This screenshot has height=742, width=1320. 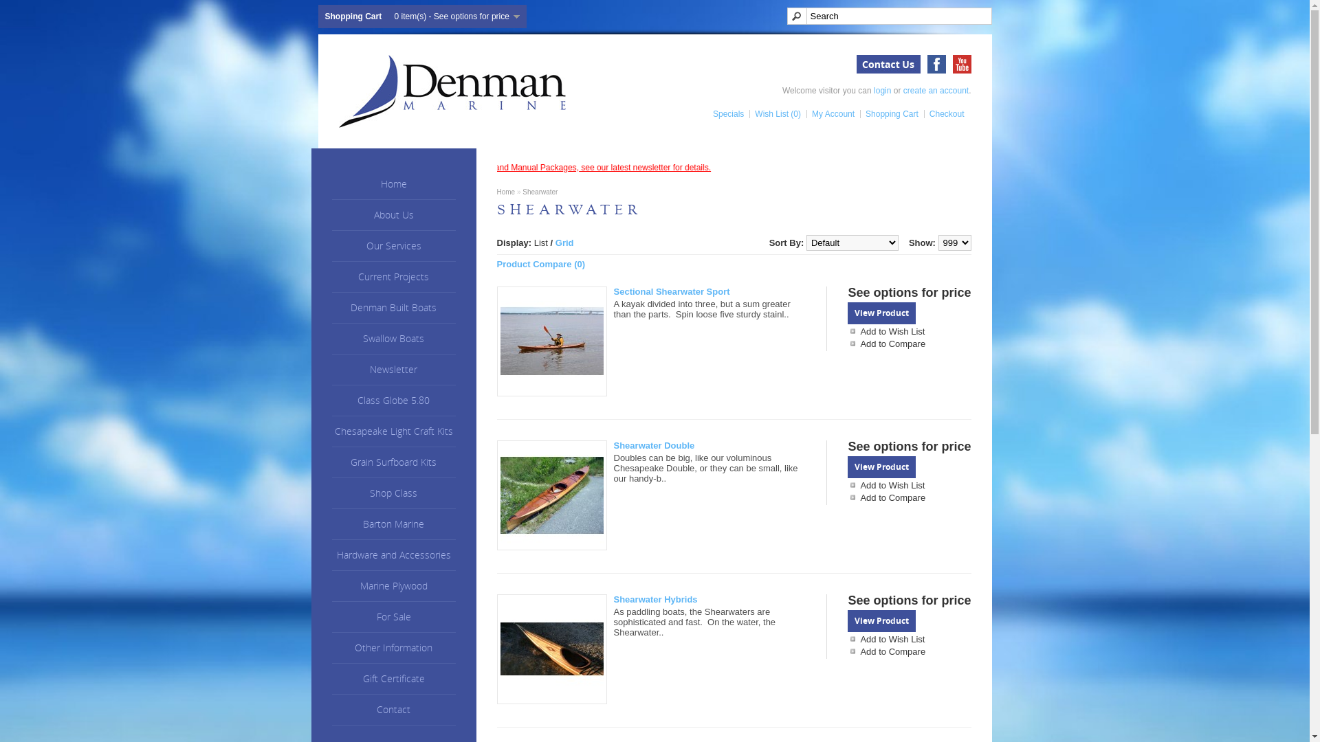 I want to click on 'Denman Built Boats', so click(x=392, y=307).